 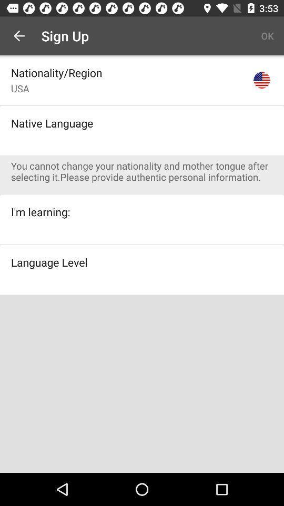 What do you see at coordinates (261, 80) in the screenshot?
I see `icon to the right of nationality/region item` at bounding box center [261, 80].